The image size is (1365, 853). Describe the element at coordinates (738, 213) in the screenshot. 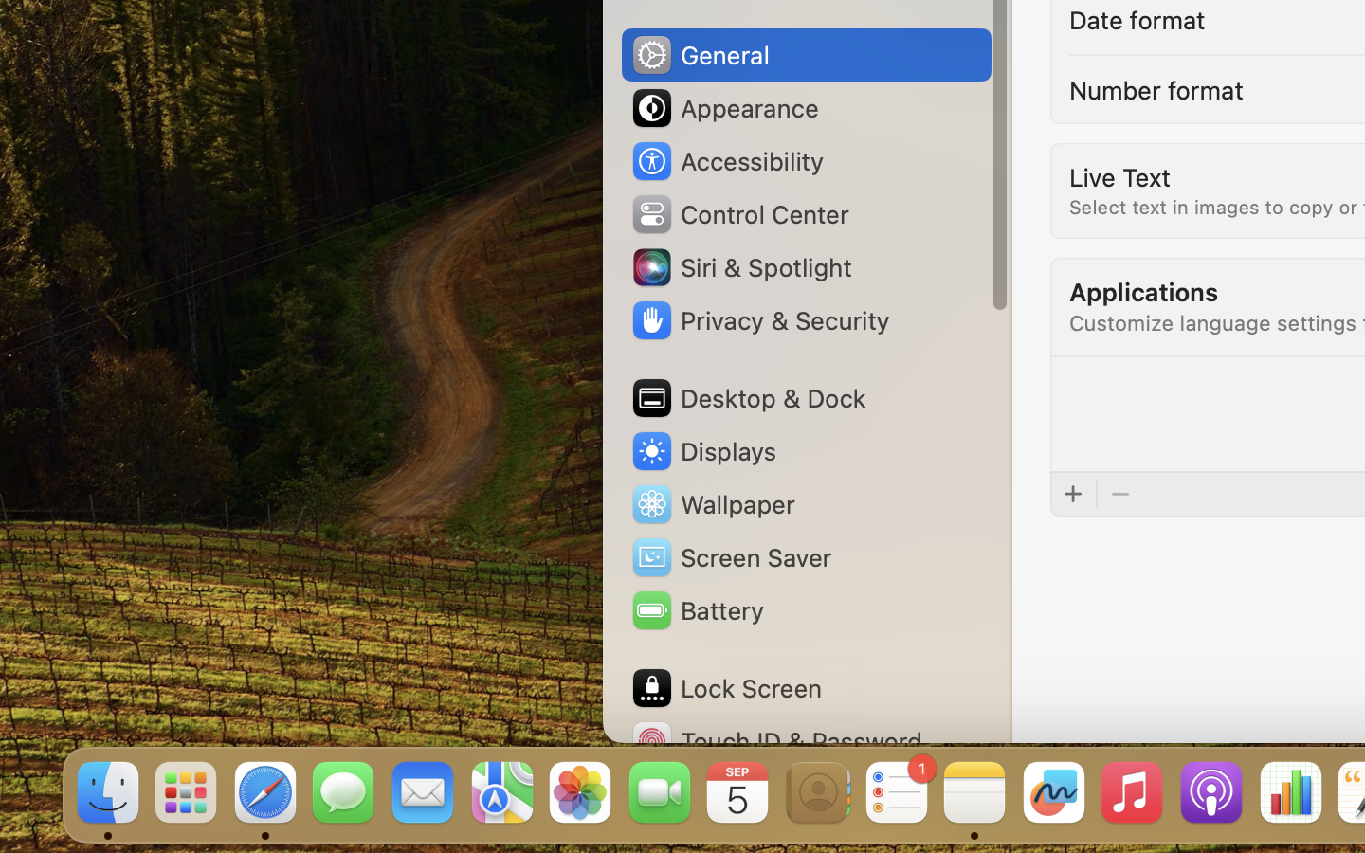

I see `'Control Center'` at that location.